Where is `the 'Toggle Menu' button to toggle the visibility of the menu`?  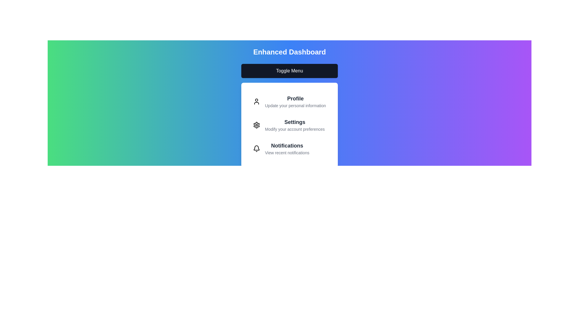 the 'Toggle Menu' button to toggle the visibility of the menu is located at coordinates (289, 70).